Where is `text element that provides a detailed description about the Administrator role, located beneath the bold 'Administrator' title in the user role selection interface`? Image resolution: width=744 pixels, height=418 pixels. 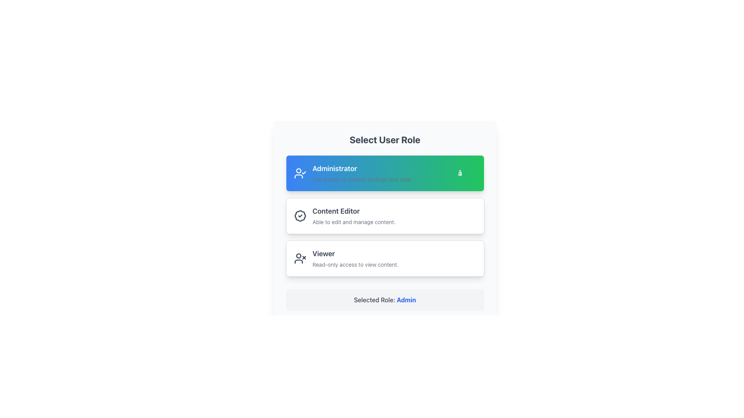
text element that provides a detailed description about the Administrator role, located beneath the bold 'Administrator' title in the user role selection interface is located at coordinates (382, 179).